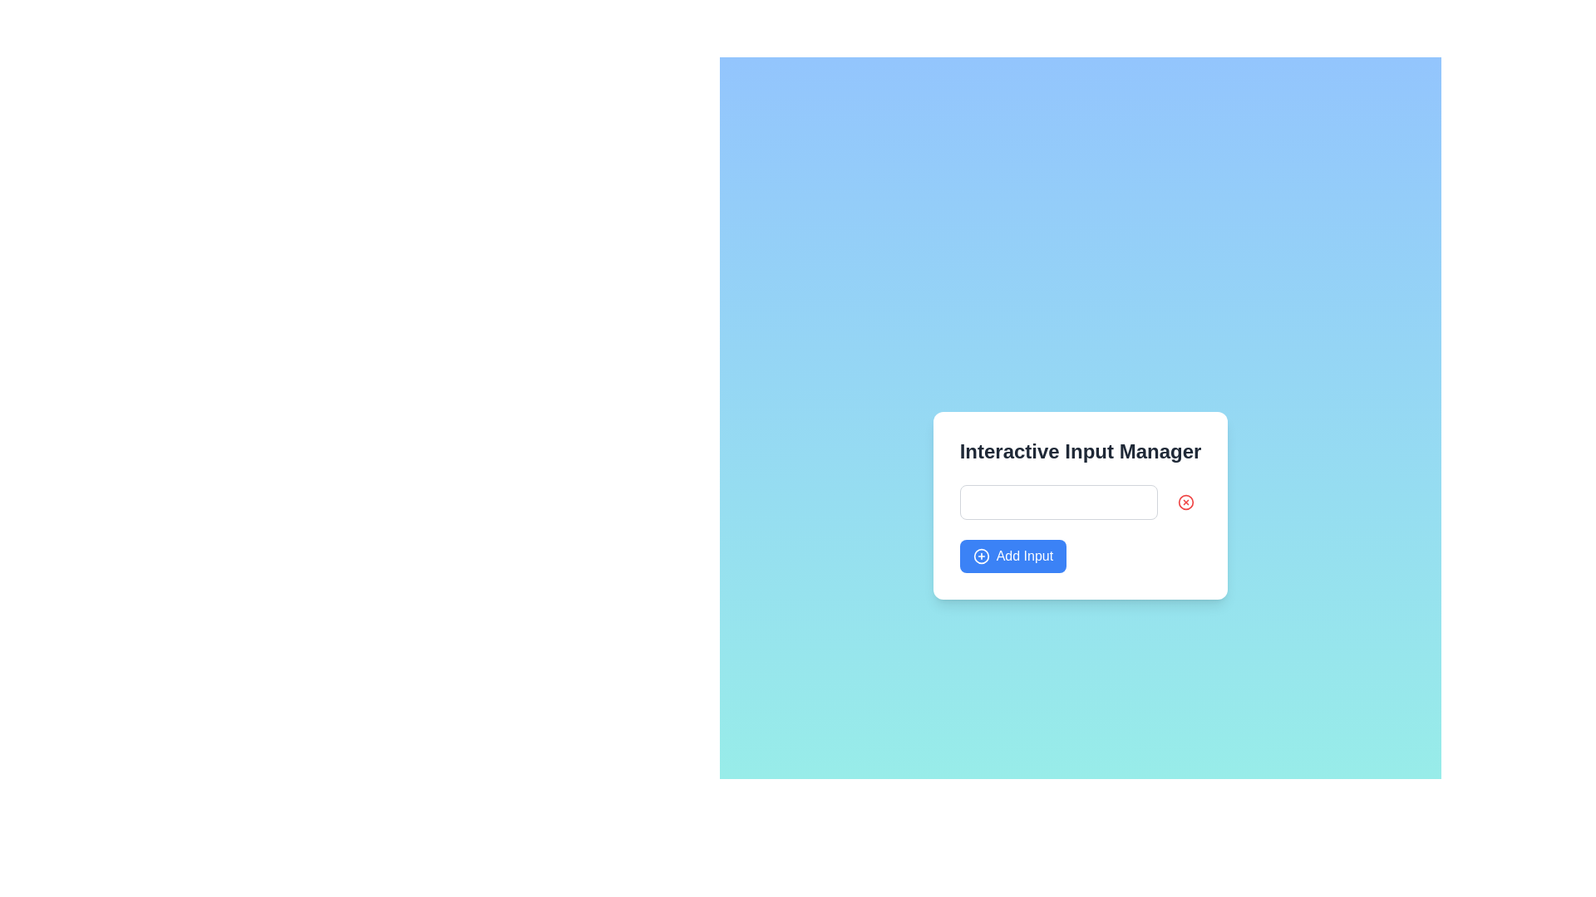 Image resolution: width=1596 pixels, height=897 pixels. Describe the element at coordinates (981, 556) in the screenshot. I see `the circular component of the '+' icon, which has a blue border and a white interior, located at the center of the '+' sign` at that location.